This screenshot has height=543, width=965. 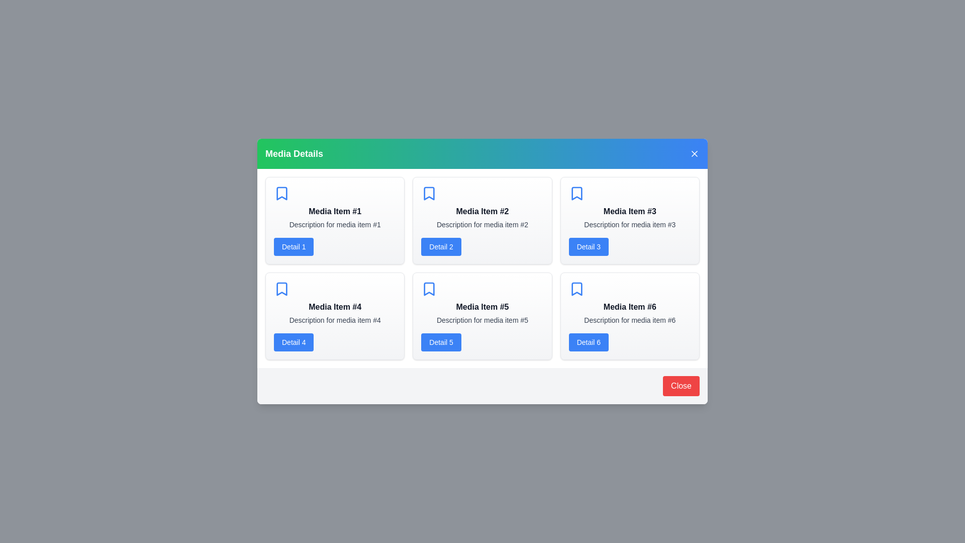 I want to click on the 'Detail 1' button for a specific media item, so click(x=293, y=246).